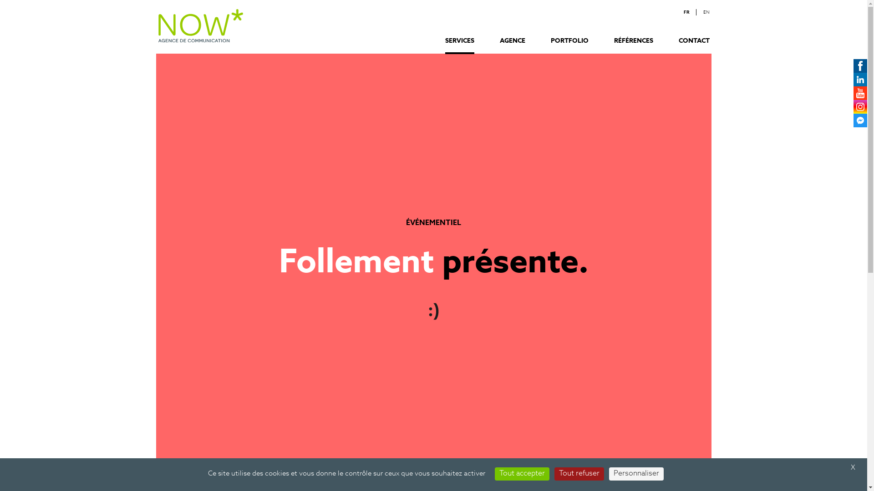 This screenshot has width=874, height=491. I want to click on 'CONTACT', so click(694, 46).